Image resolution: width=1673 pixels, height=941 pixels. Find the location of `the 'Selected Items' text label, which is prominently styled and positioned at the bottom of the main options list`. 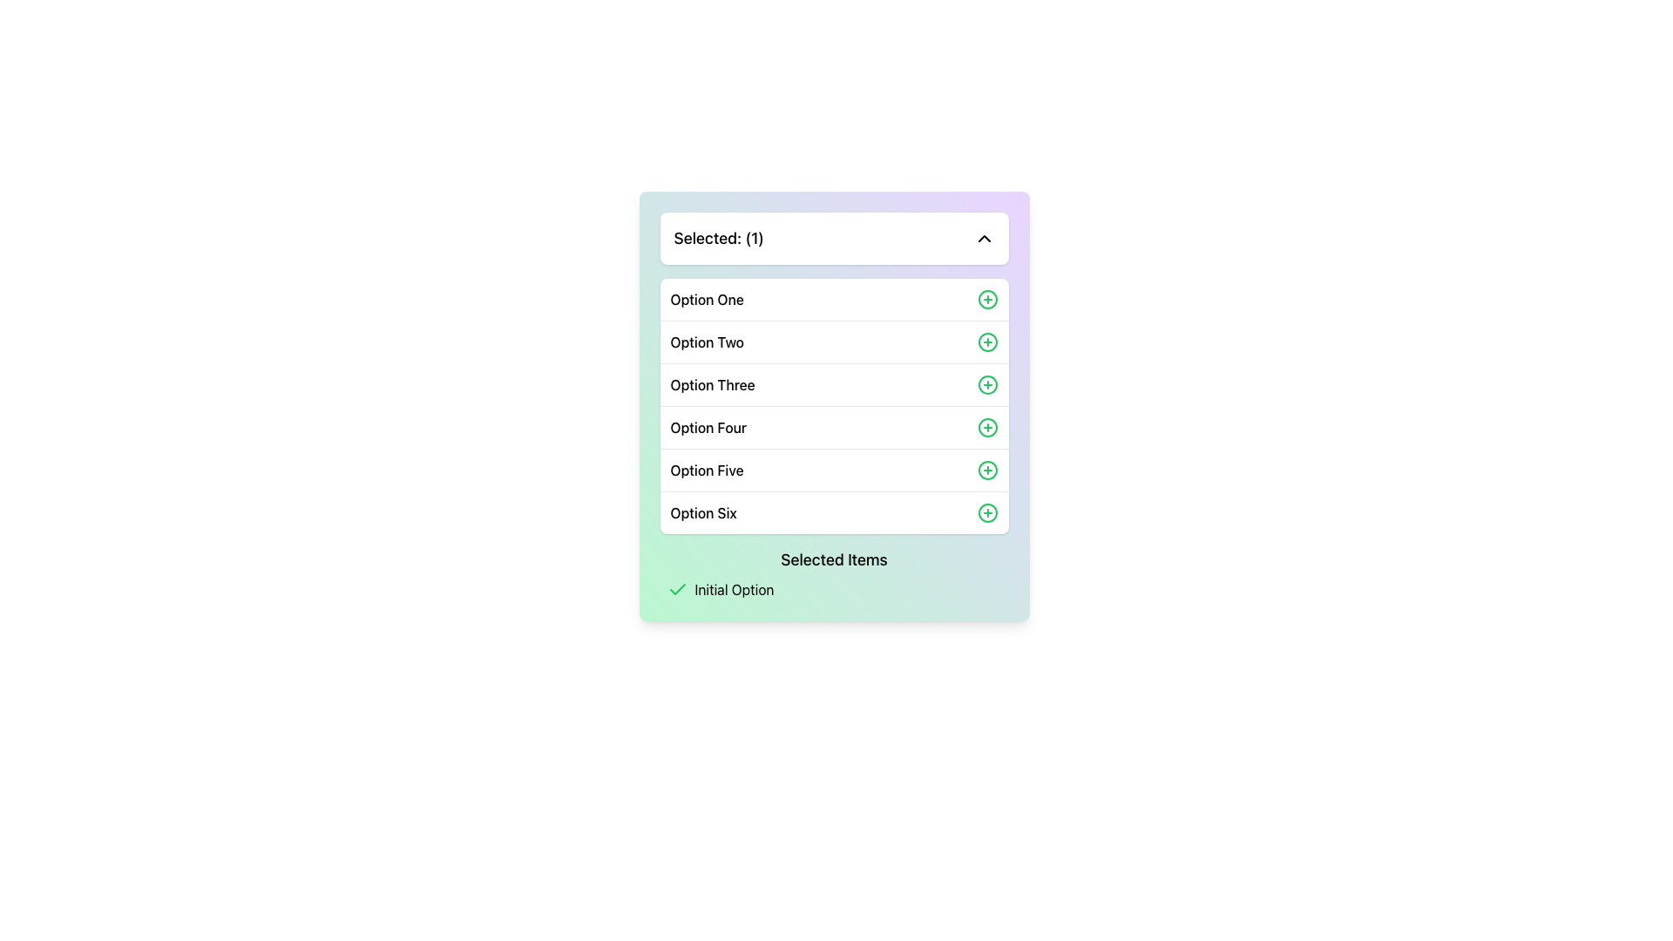

the 'Selected Items' text label, which is prominently styled and positioned at the bottom of the main options list is located at coordinates (833, 560).